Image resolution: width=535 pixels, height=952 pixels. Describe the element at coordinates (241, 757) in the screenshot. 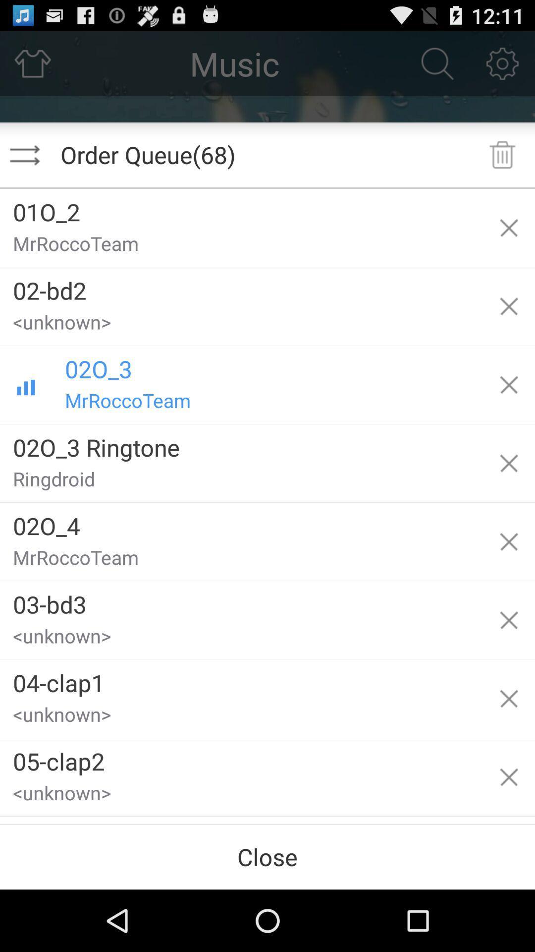

I see `the item above <unknown> item` at that location.